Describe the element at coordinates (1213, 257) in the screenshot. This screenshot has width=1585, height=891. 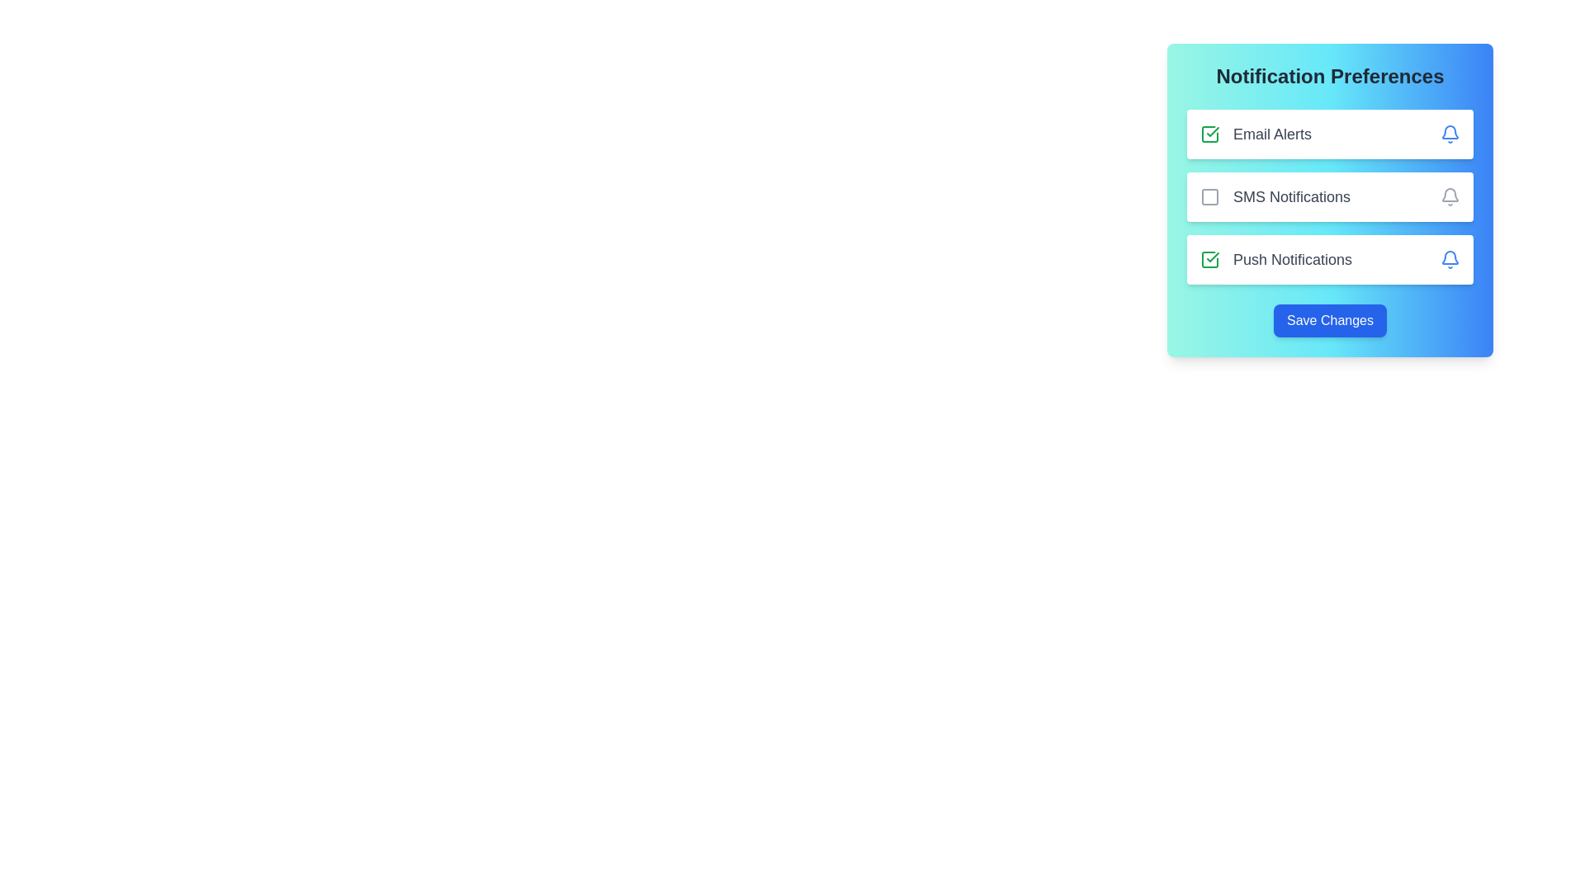
I see `the visual confirmation indicator for the 'Push Notifications' option, which is styled with the 'text-green-600' class within the Notification Preferences UI box` at that location.